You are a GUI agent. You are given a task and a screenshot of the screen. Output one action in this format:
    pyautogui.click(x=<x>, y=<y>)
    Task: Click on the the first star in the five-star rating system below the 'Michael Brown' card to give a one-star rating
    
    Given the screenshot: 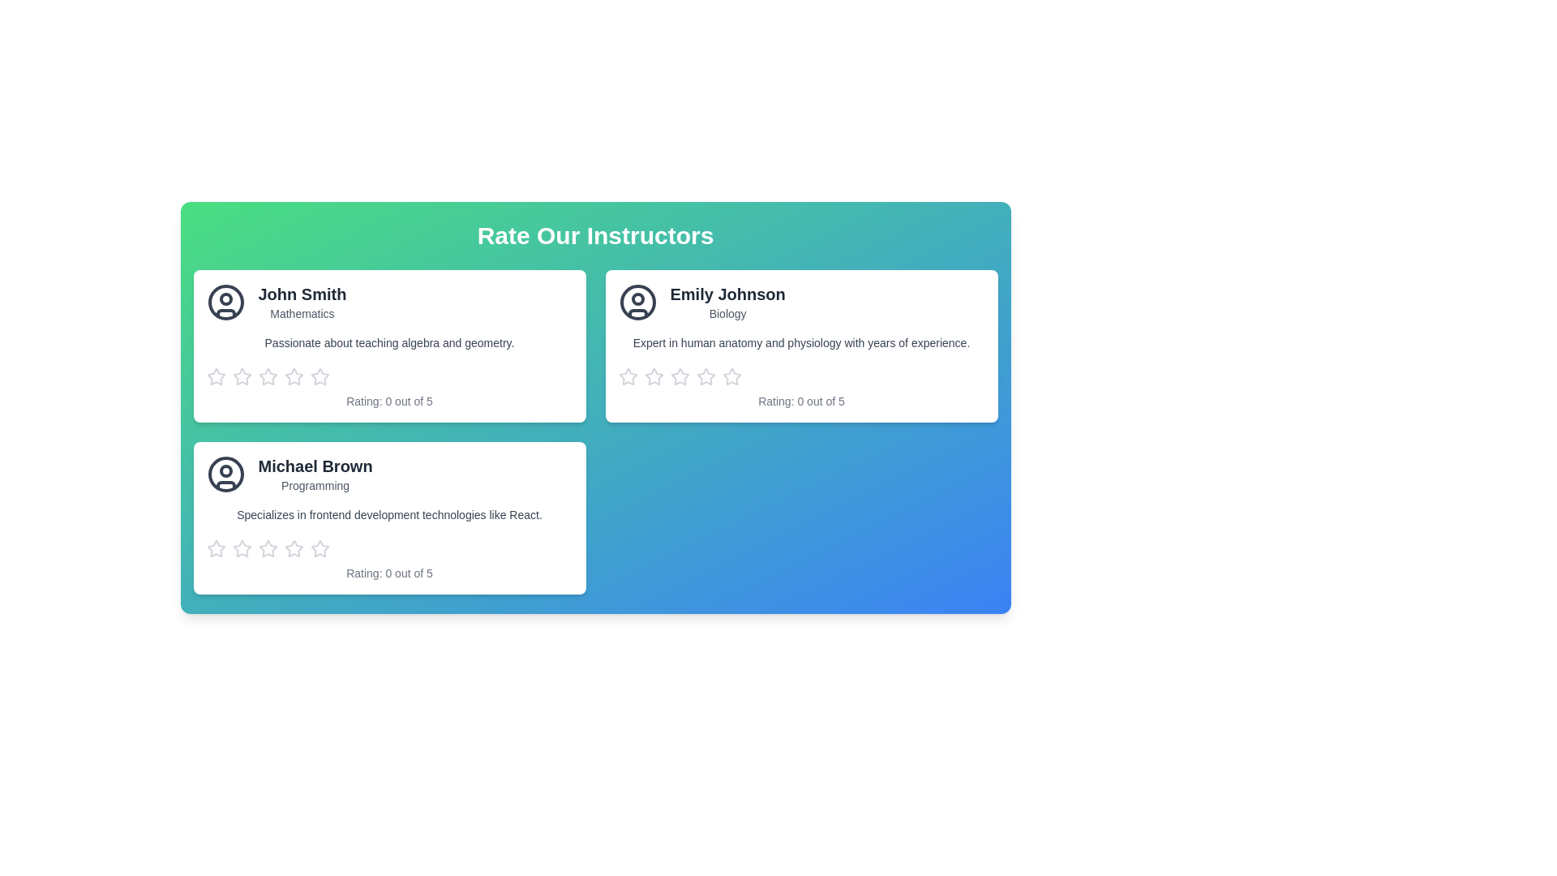 What is the action you would take?
    pyautogui.click(x=240, y=547)
    